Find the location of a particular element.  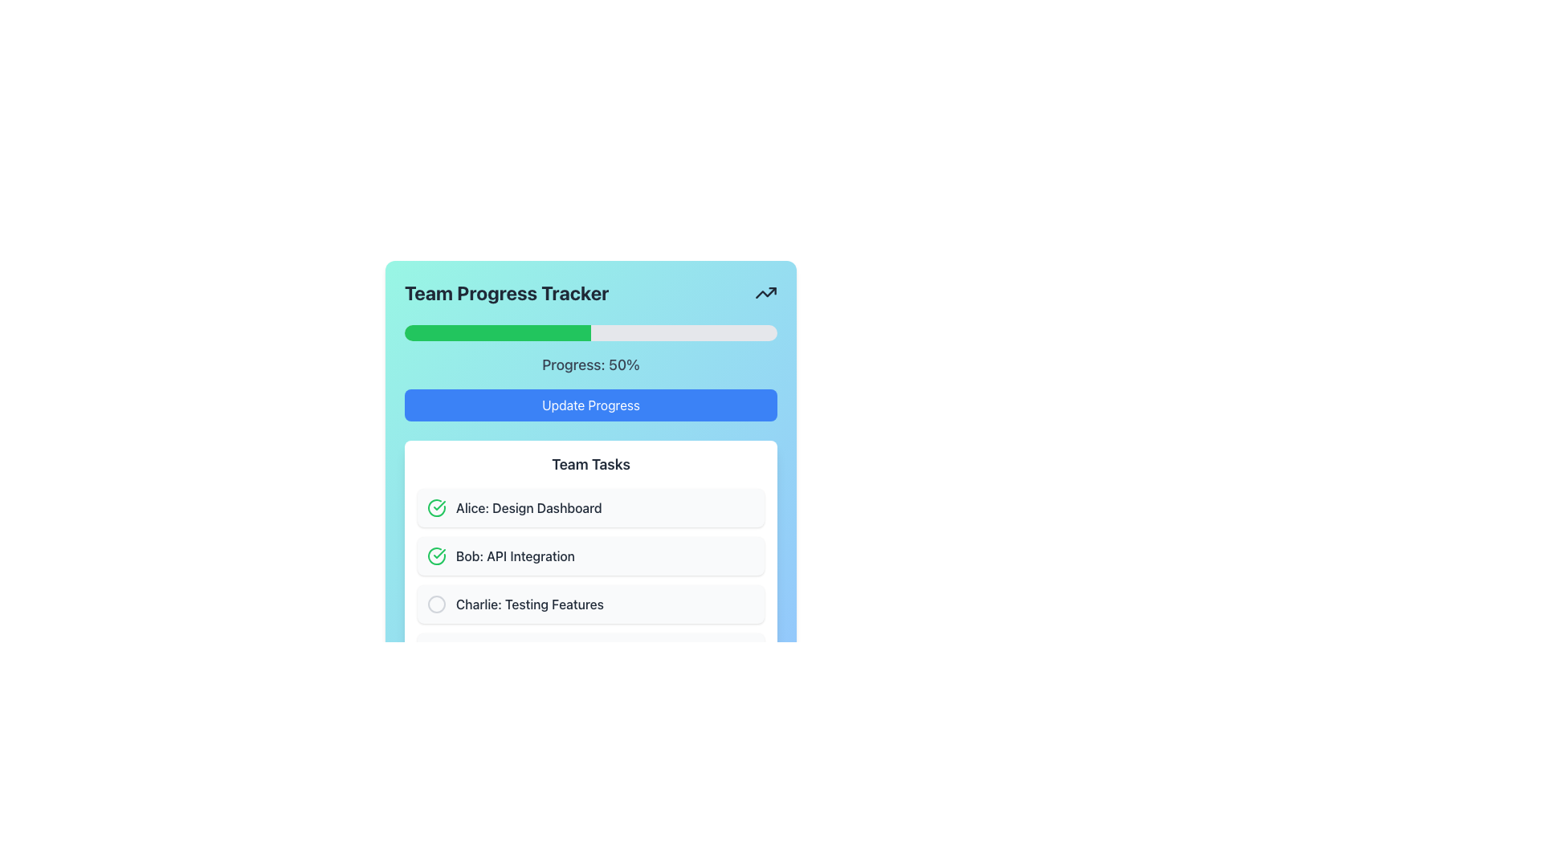

the text label displaying 'Testing Features', which is the third task listed in the 'Team Tasks' section, located below 'Bob: API Integration' is located at coordinates (530, 604).